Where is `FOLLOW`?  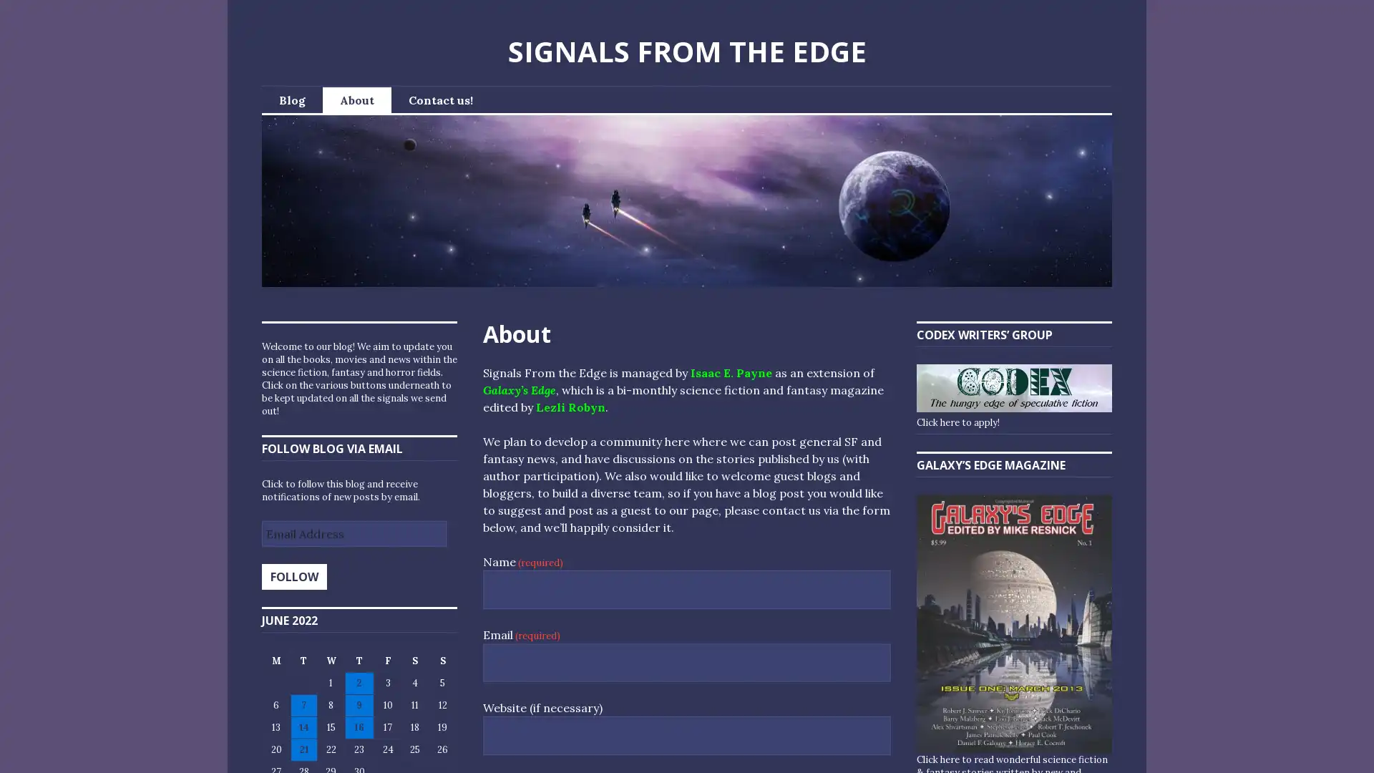
FOLLOW is located at coordinates (293, 576).